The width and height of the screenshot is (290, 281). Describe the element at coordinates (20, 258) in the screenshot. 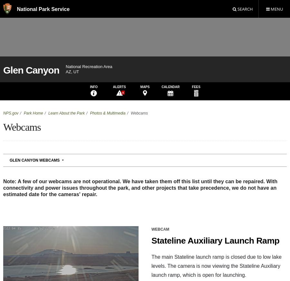

I see `'AZ'` at that location.